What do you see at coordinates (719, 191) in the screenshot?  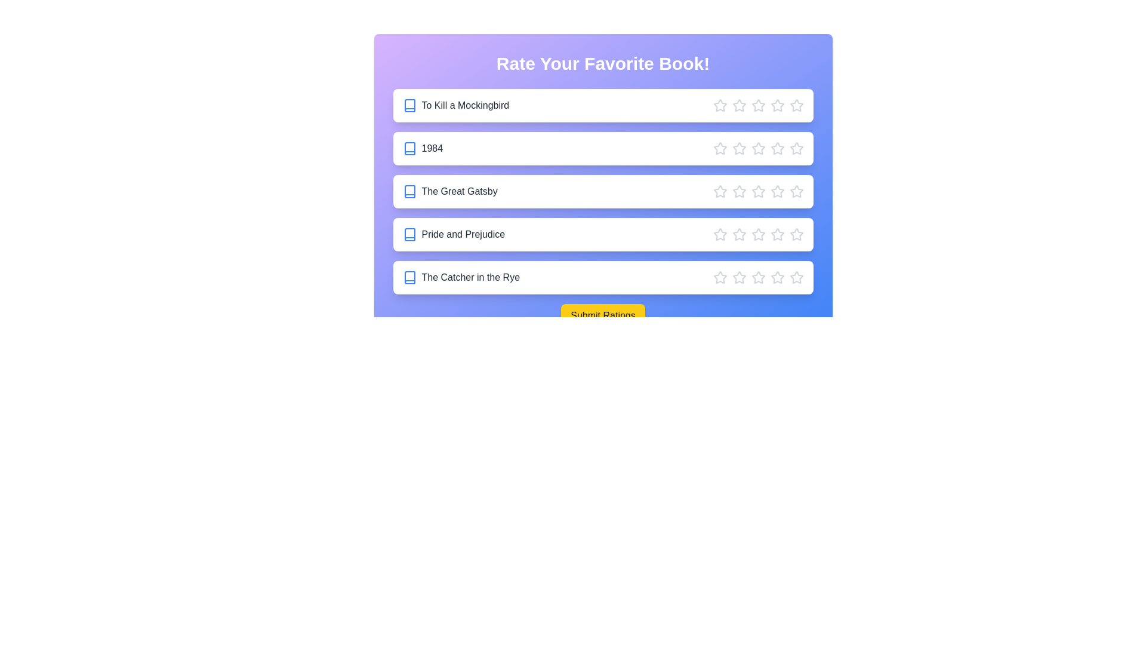 I see `the star corresponding to 1 stars for the book 'The Great Gatsby'` at bounding box center [719, 191].